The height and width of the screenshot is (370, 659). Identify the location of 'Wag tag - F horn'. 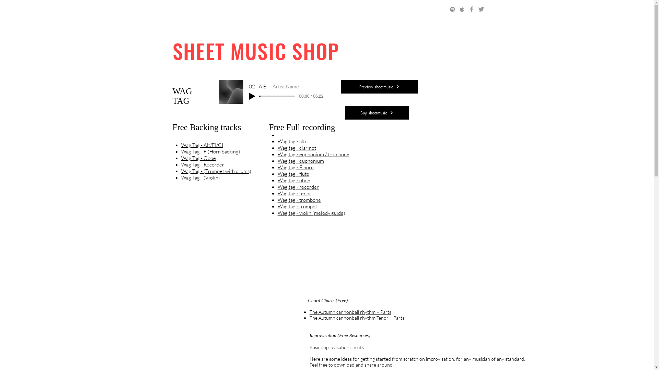
(278, 167).